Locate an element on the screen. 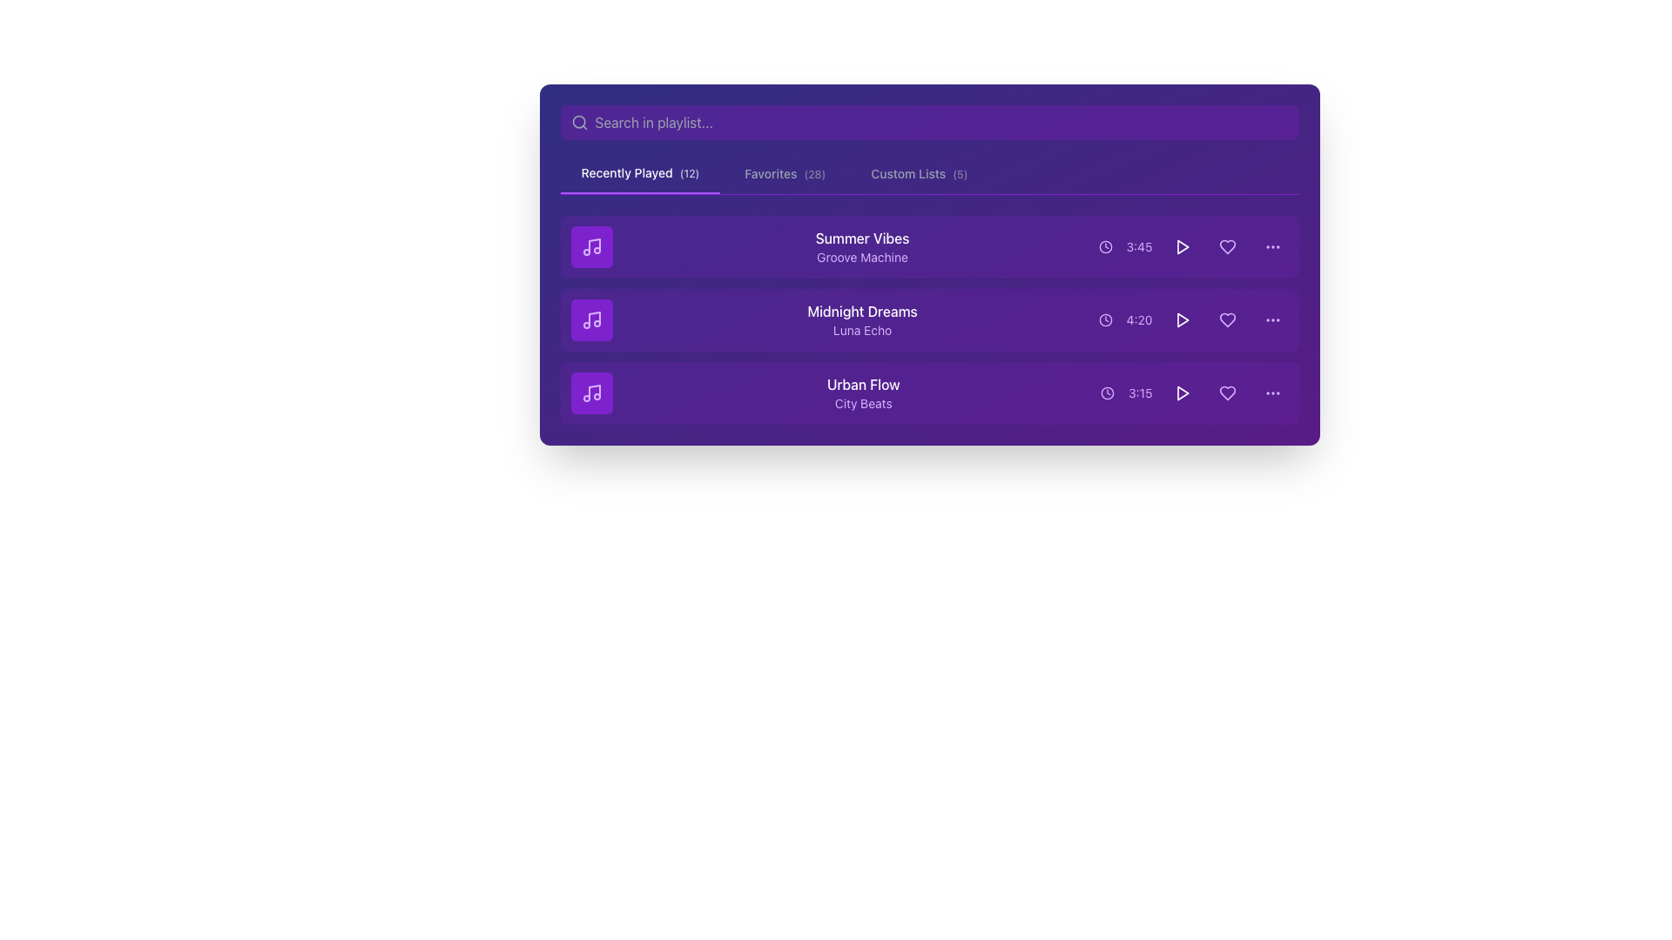  the play button on the first item in the Recently Played section of the music list interface, which has a purple gradient background and rounded corners is located at coordinates (928, 265).